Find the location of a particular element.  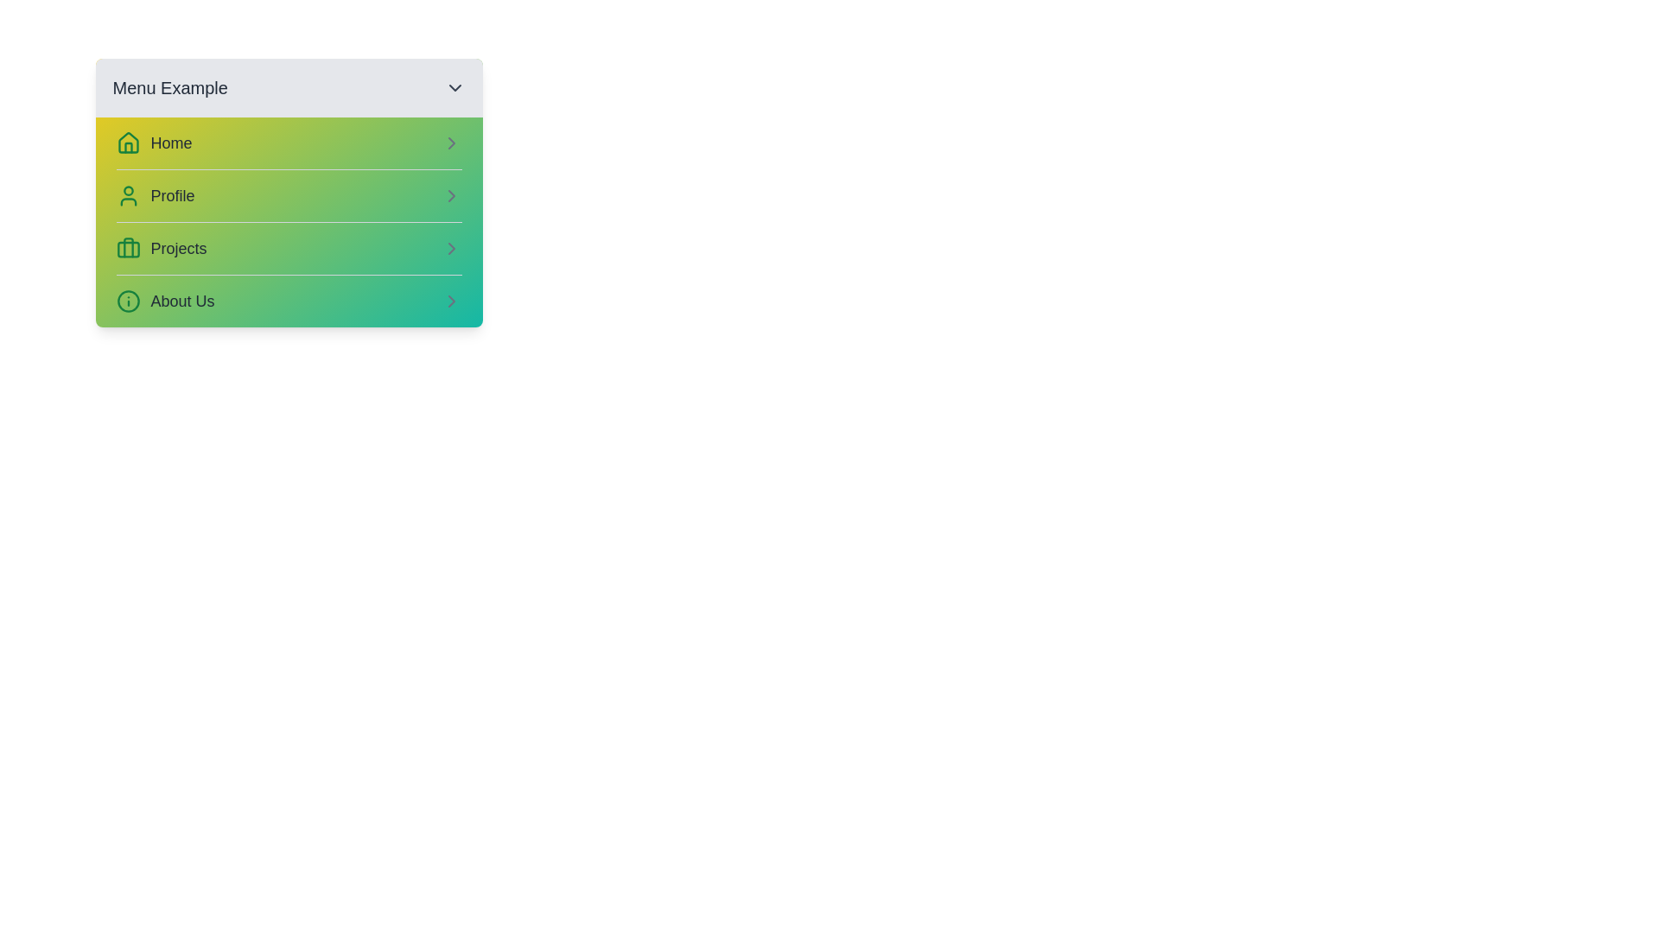

the menu item About Us is located at coordinates (289, 300).